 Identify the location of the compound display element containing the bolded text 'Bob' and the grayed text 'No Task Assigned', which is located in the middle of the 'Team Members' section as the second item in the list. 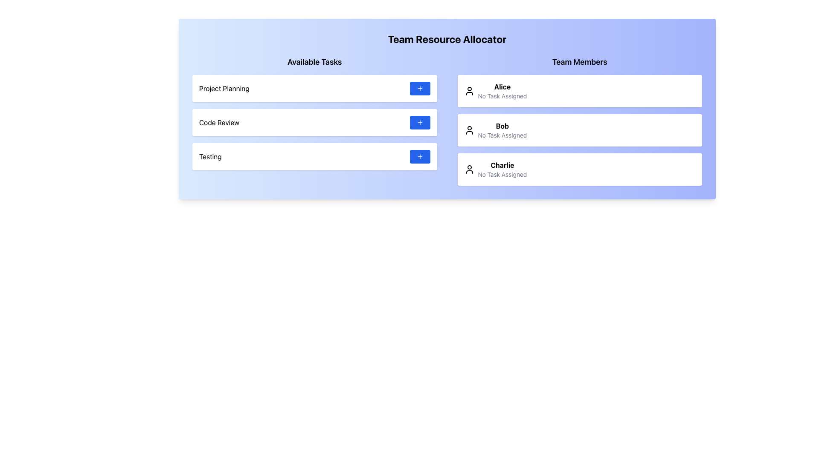
(495, 130).